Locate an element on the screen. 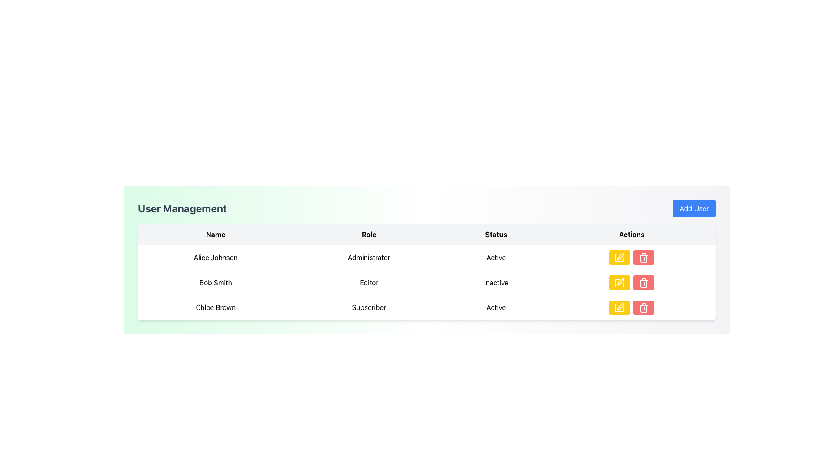 This screenshot has width=833, height=469. the yellow edit button icon resembling a pen in the third row of the 'Actions' column for user 'Chloe Brown' is located at coordinates (619, 307).